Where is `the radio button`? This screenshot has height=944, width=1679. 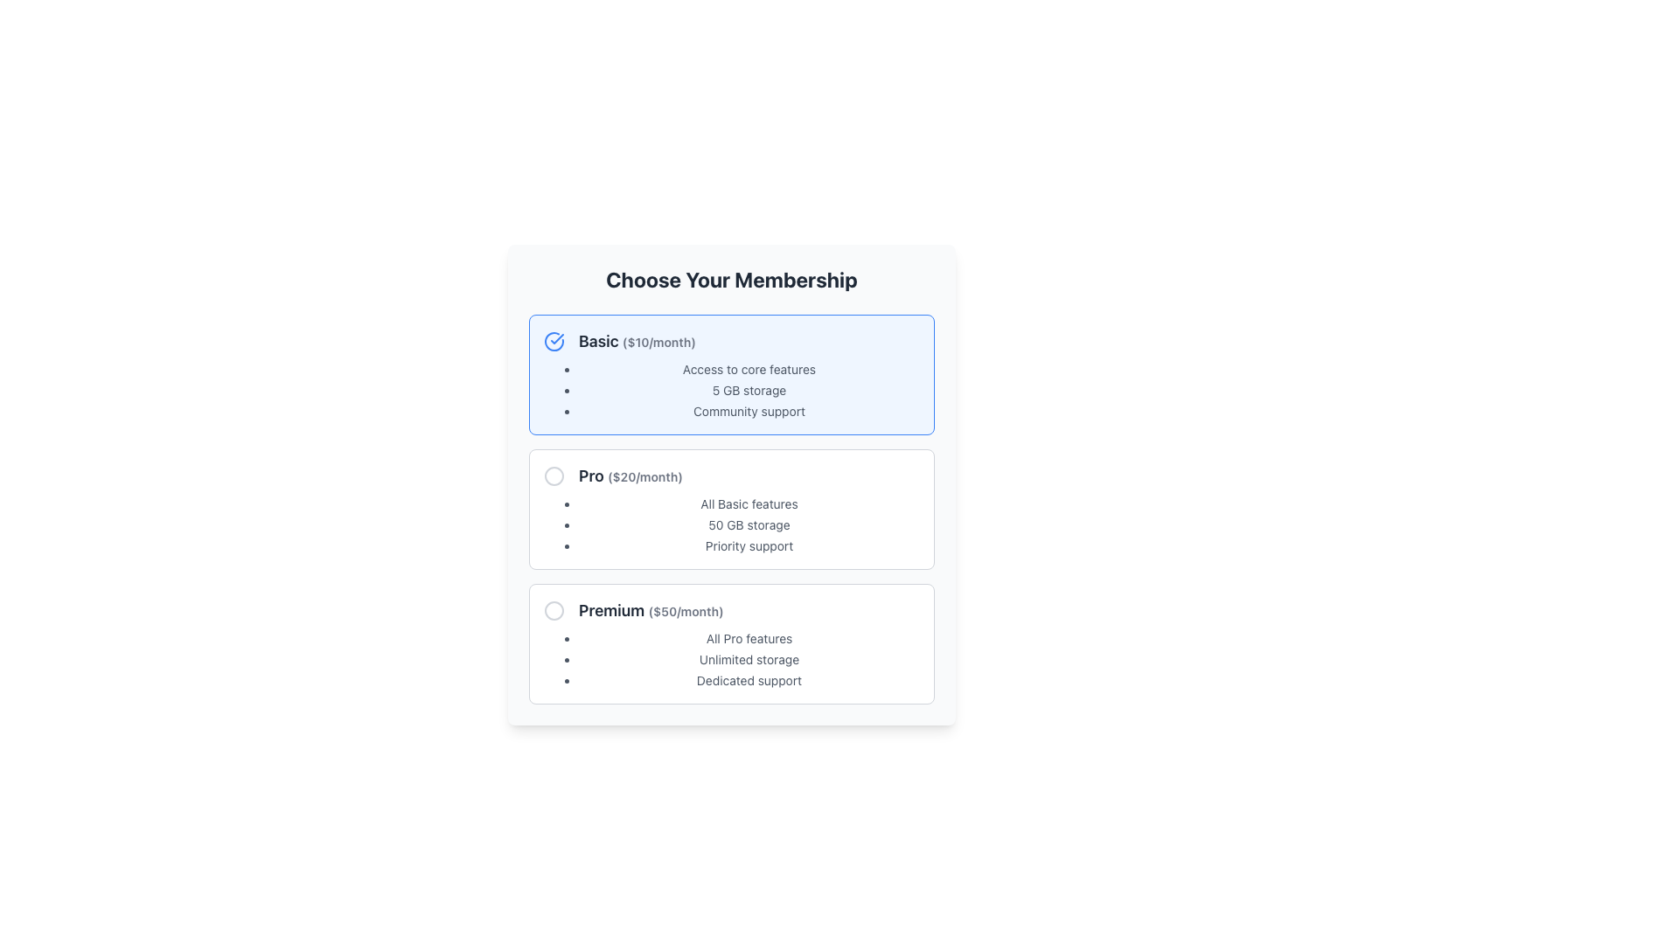
the radio button is located at coordinates (553, 609).